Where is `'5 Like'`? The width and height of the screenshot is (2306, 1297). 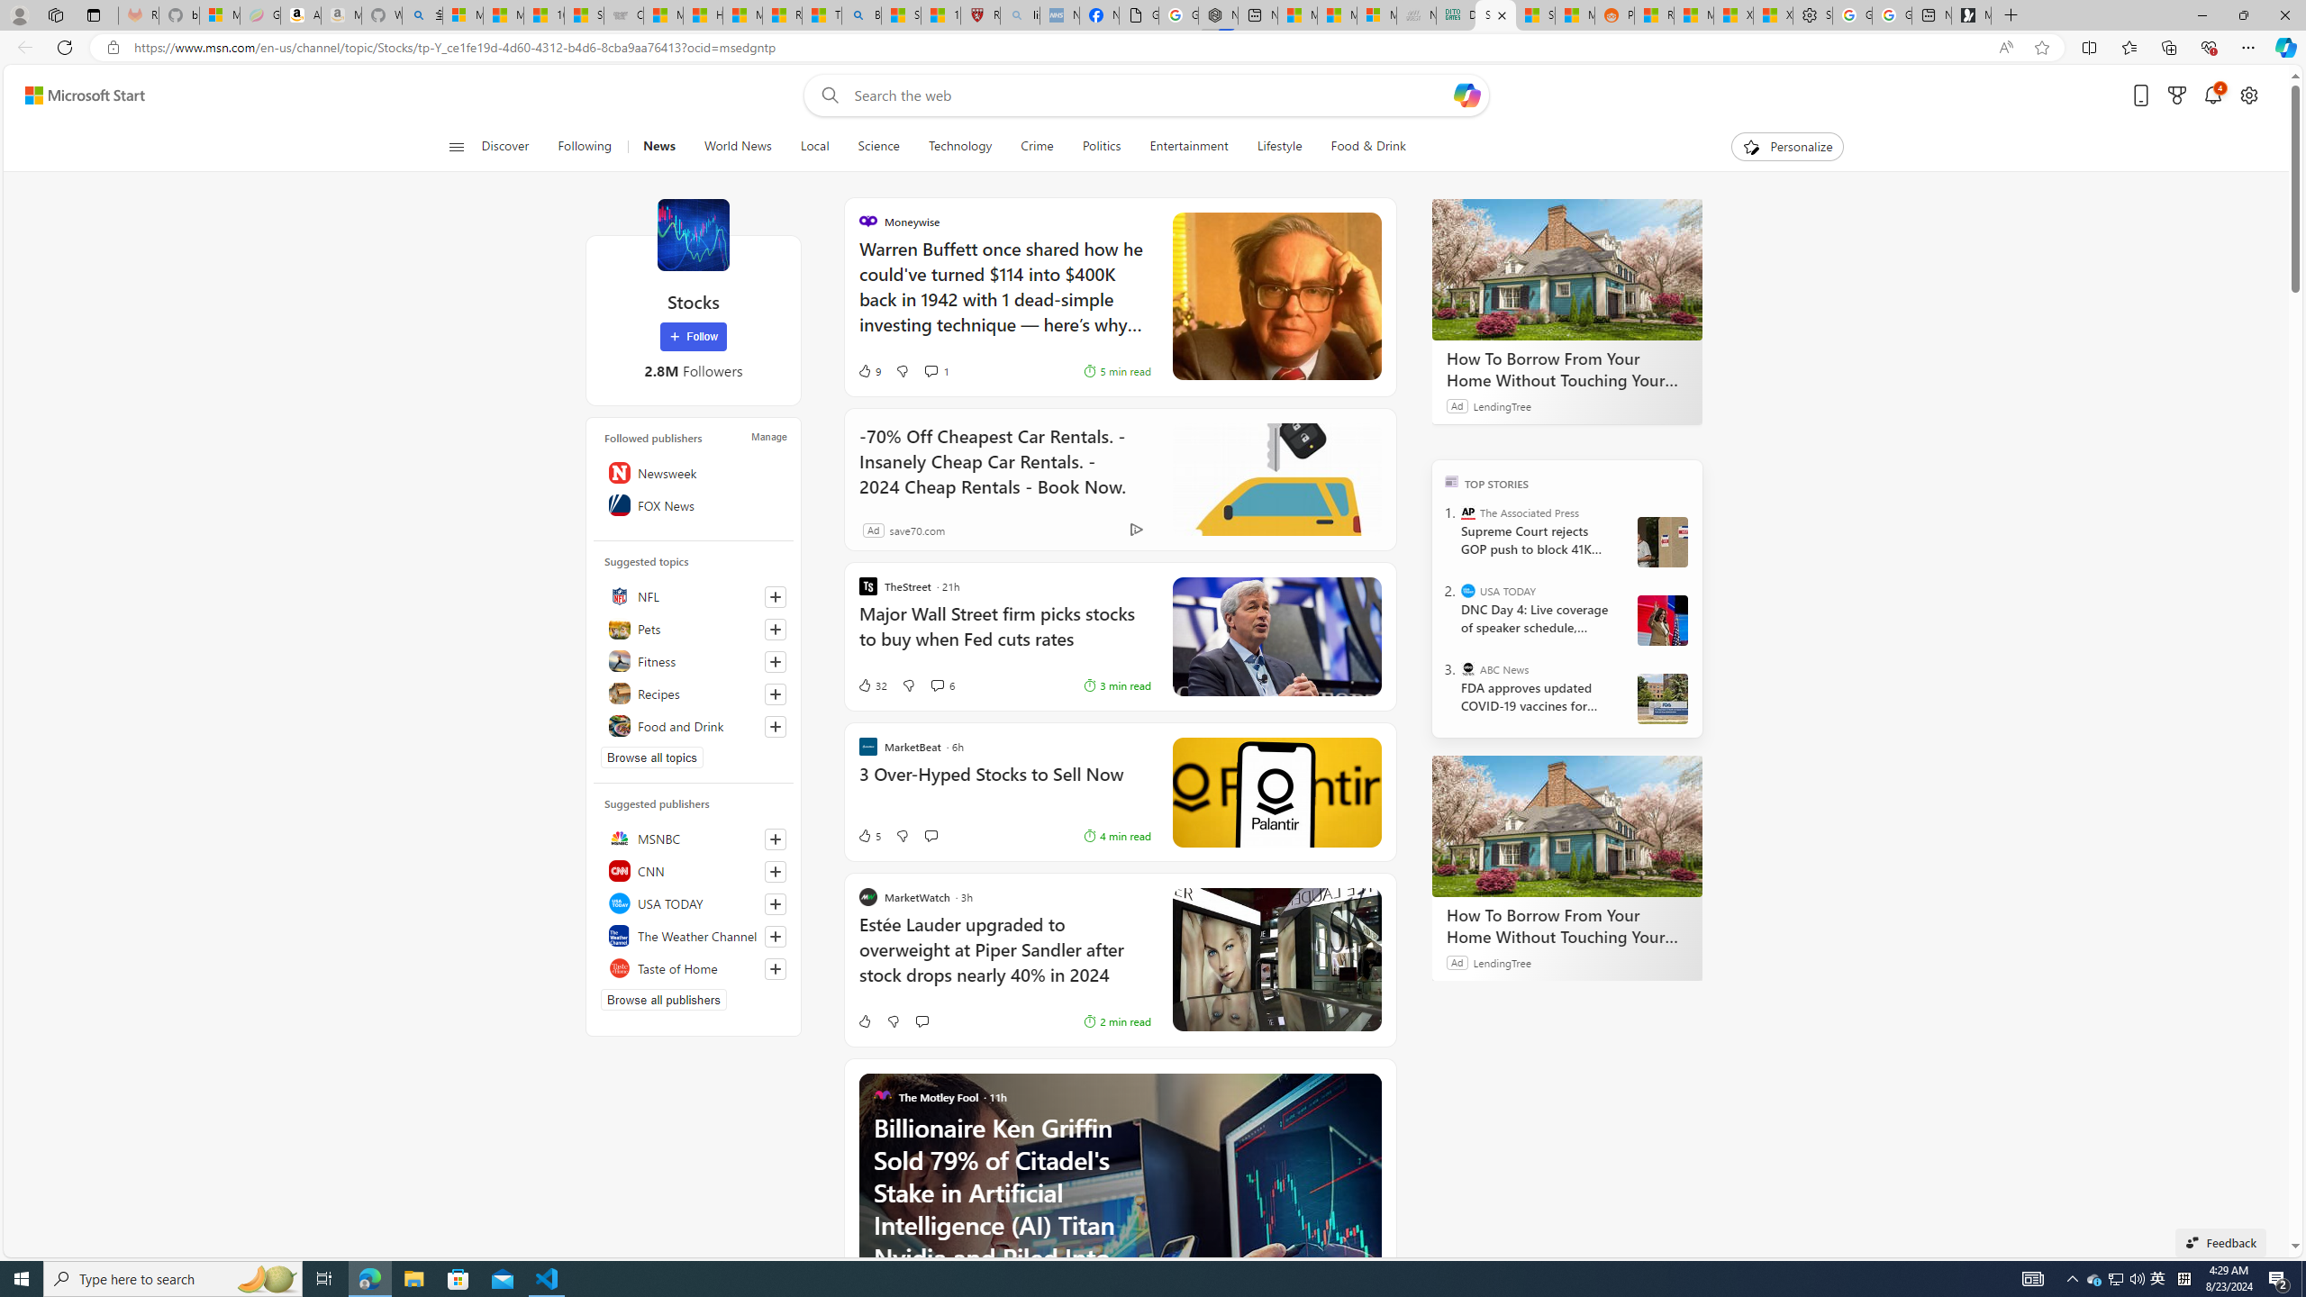
'5 Like' is located at coordinates (867, 835).